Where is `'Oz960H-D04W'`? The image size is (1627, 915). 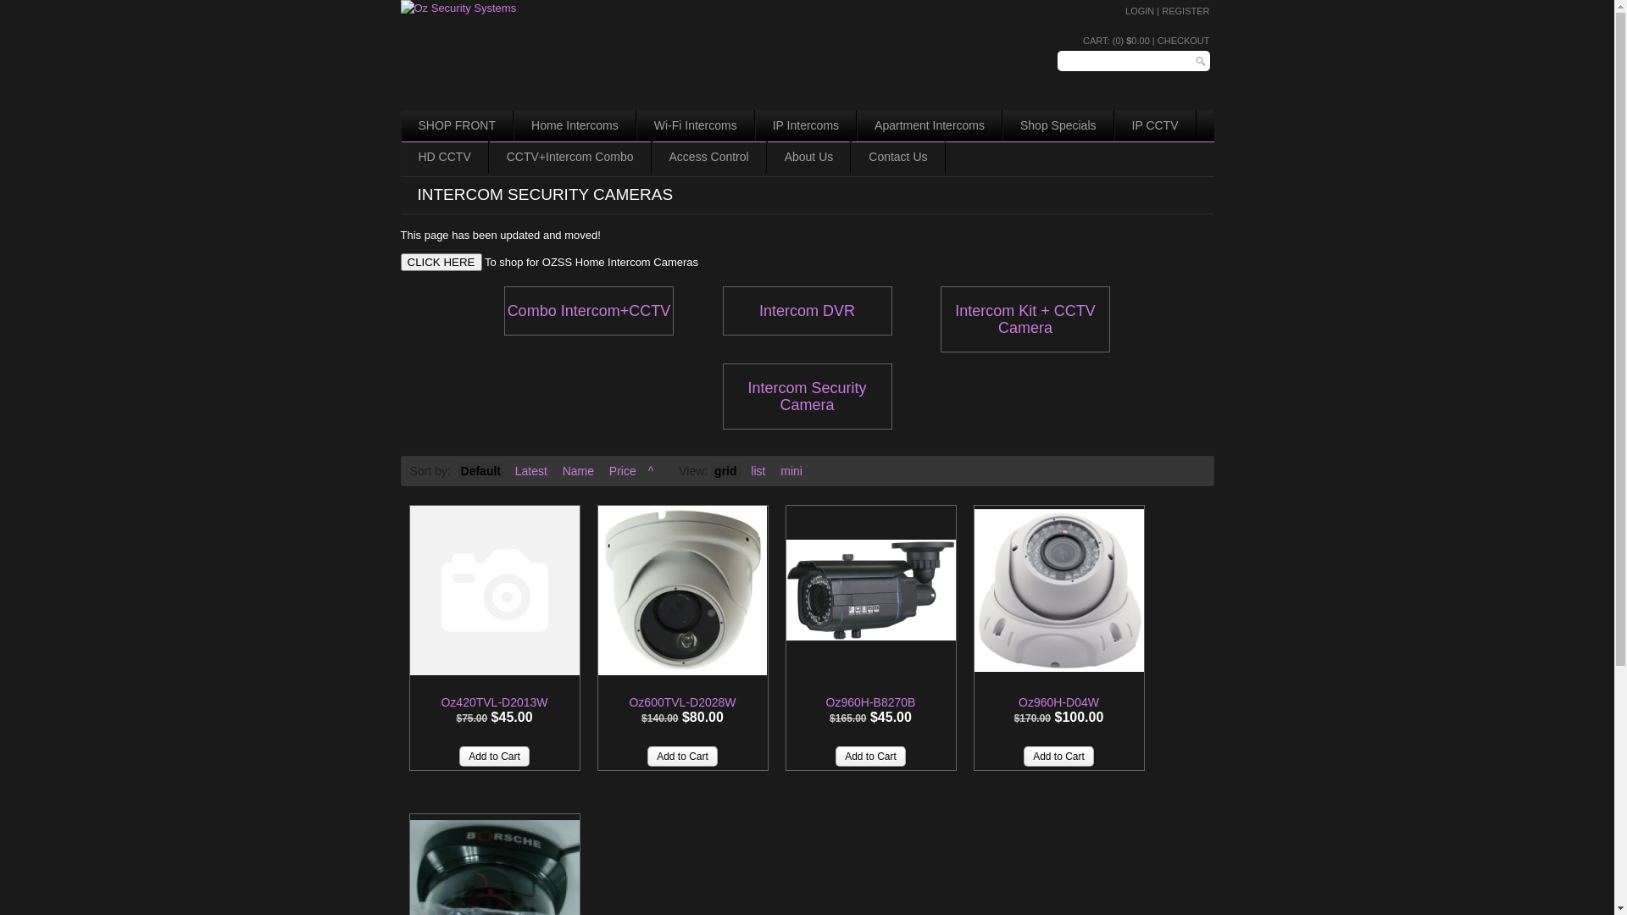 'Oz960H-D04W' is located at coordinates (975, 590).